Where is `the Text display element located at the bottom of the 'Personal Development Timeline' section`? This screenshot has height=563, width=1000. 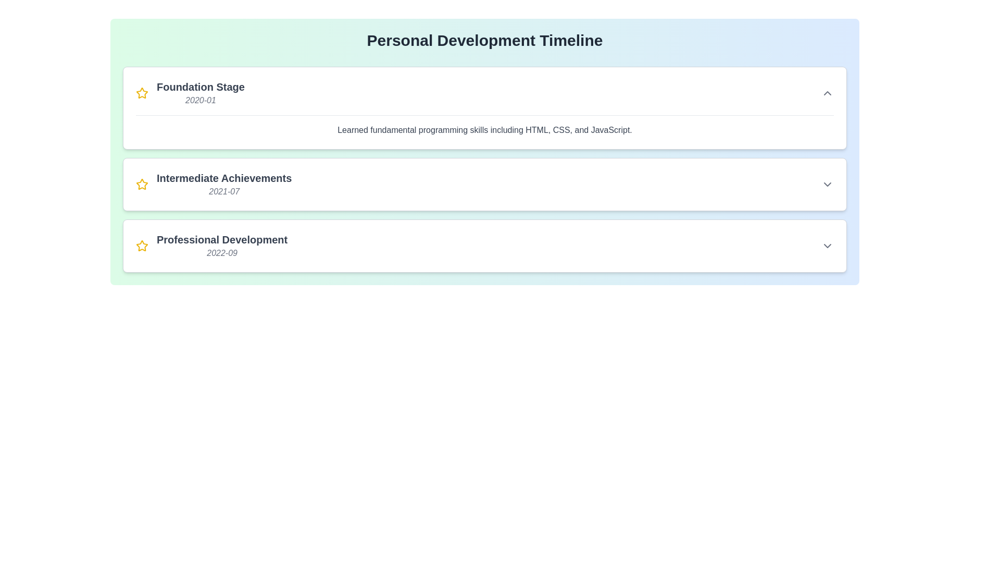
the Text display element located at the bottom of the 'Personal Development Timeline' section is located at coordinates (221, 246).